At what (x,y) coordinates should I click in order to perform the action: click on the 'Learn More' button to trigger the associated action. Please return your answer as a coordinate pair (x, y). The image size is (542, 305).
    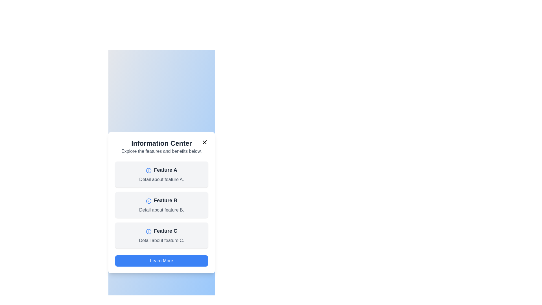
    Looking at the image, I should click on (161, 261).